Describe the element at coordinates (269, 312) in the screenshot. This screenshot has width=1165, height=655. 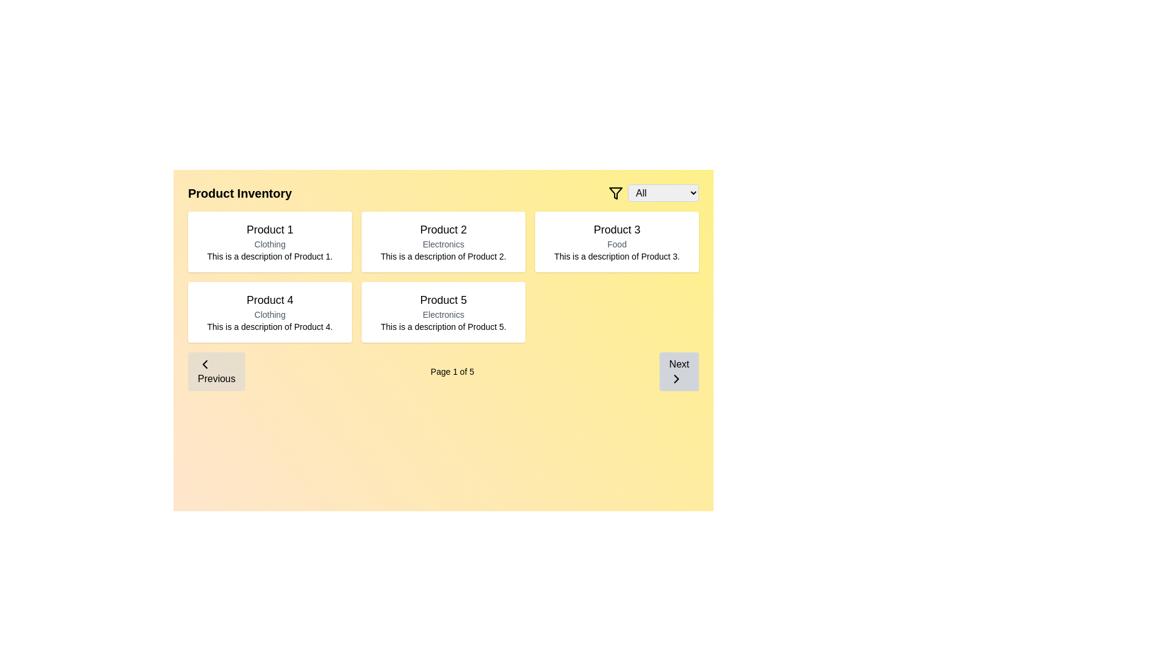
I see `the product display card located in the grid layout, which is the first item on the second row and fourth in the sequence` at that location.